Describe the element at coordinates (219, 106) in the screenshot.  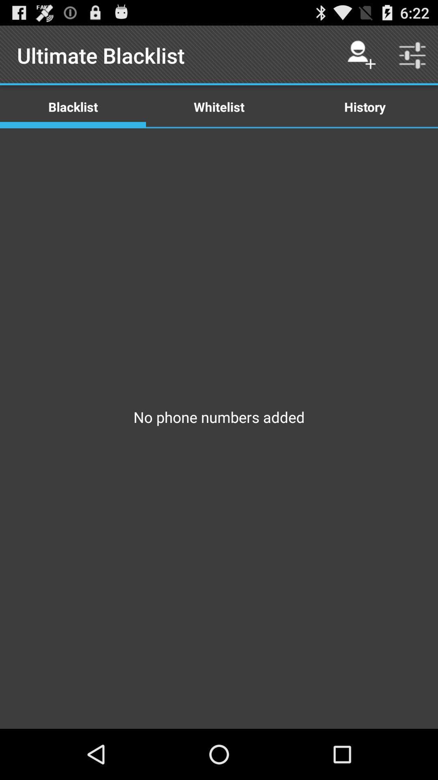
I see `whitelist` at that location.